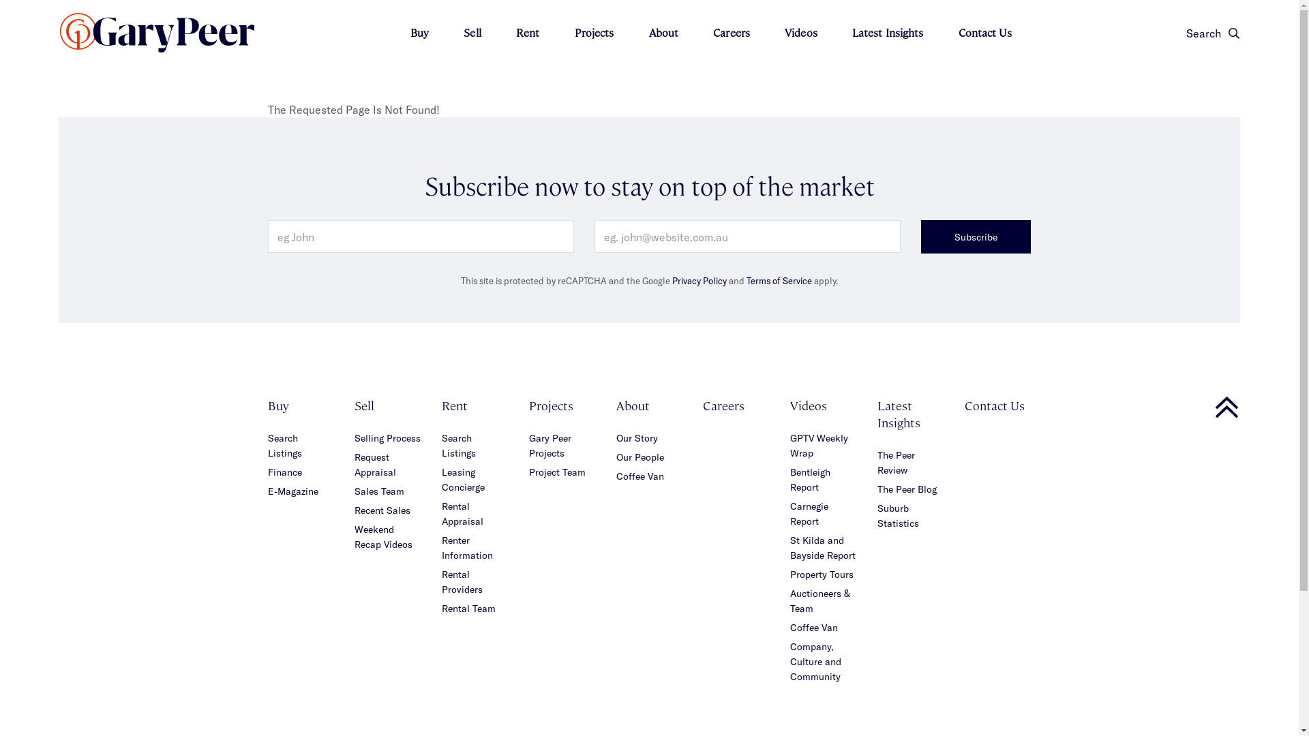 This screenshot has width=1309, height=736. What do you see at coordinates (964, 404) in the screenshot?
I see `'Contact Us'` at bounding box center [964, 404].